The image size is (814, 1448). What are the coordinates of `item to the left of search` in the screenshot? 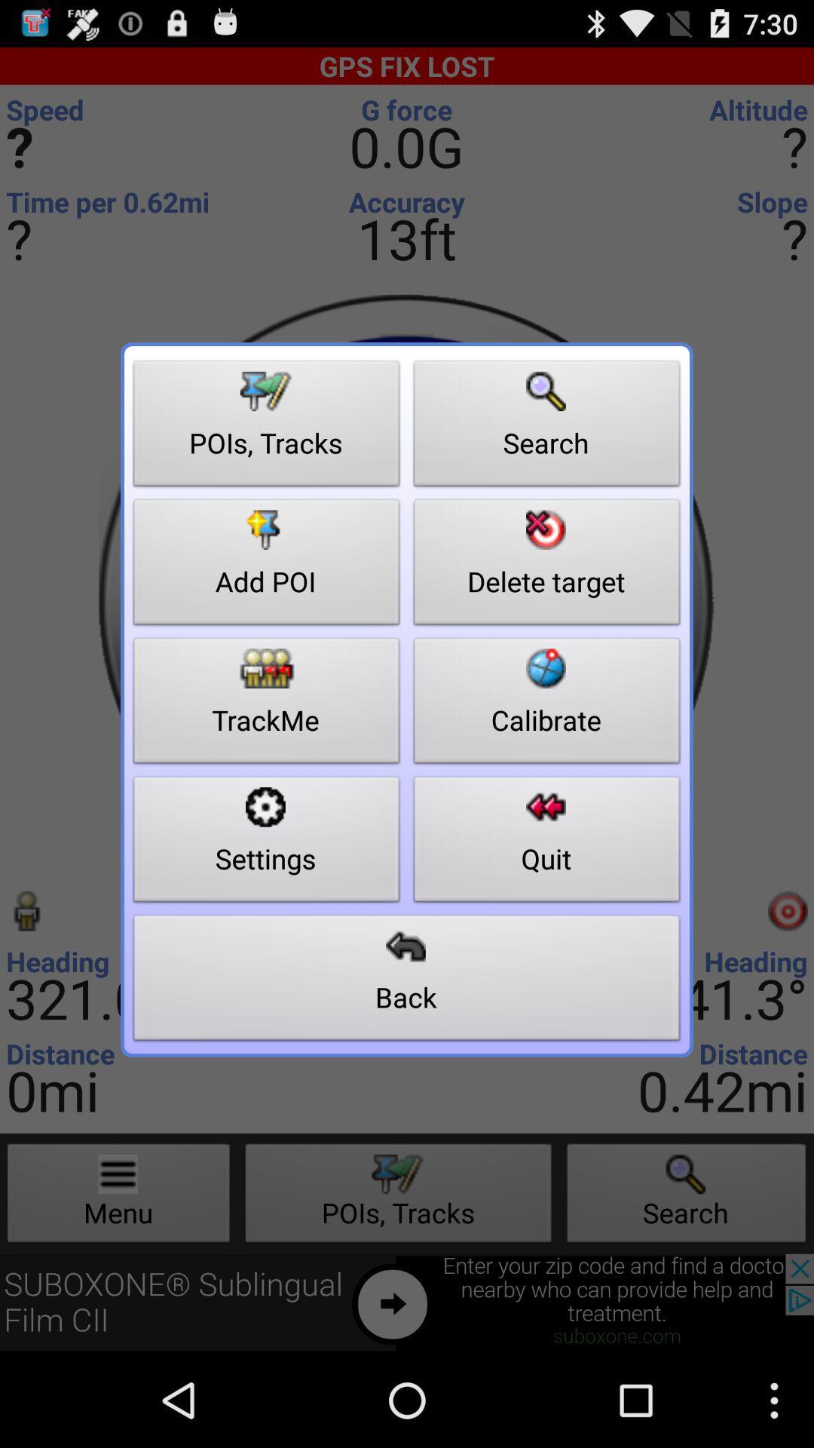 It's located at (266, 427).